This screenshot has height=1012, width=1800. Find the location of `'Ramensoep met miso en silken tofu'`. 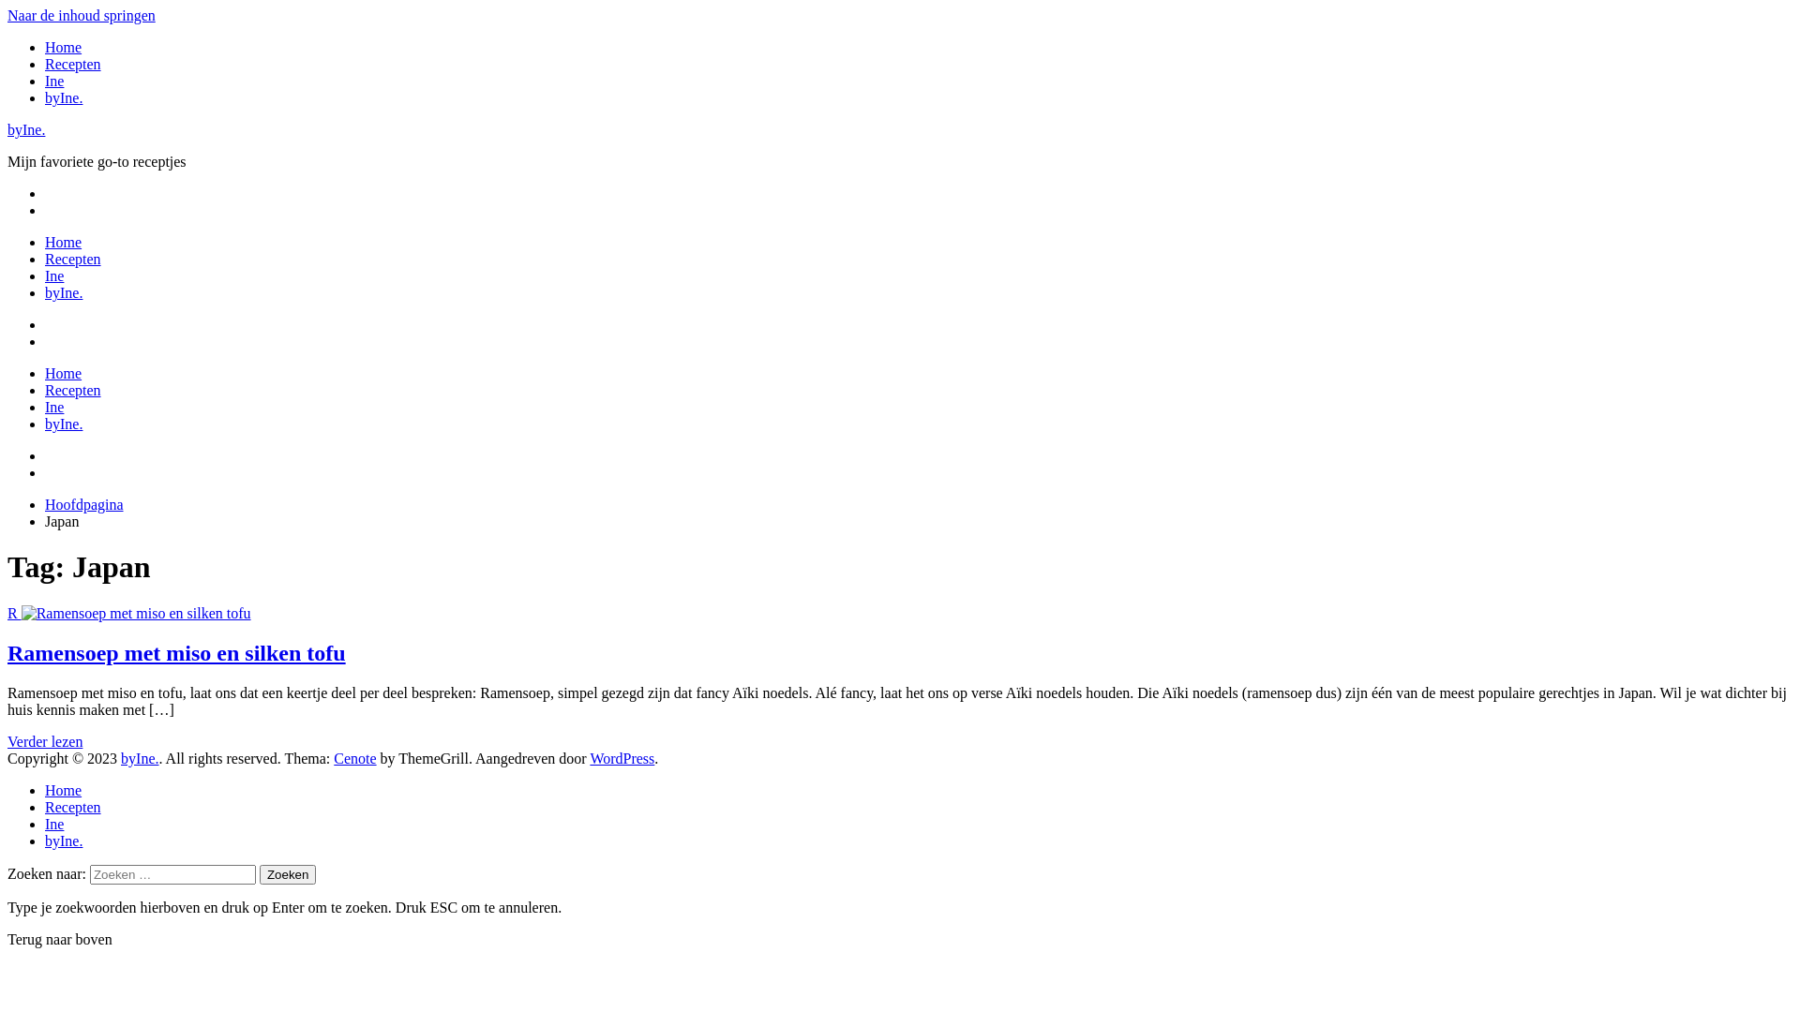

'Ramensoep met miso en silken tofu' is located at coordinates (7, 652).